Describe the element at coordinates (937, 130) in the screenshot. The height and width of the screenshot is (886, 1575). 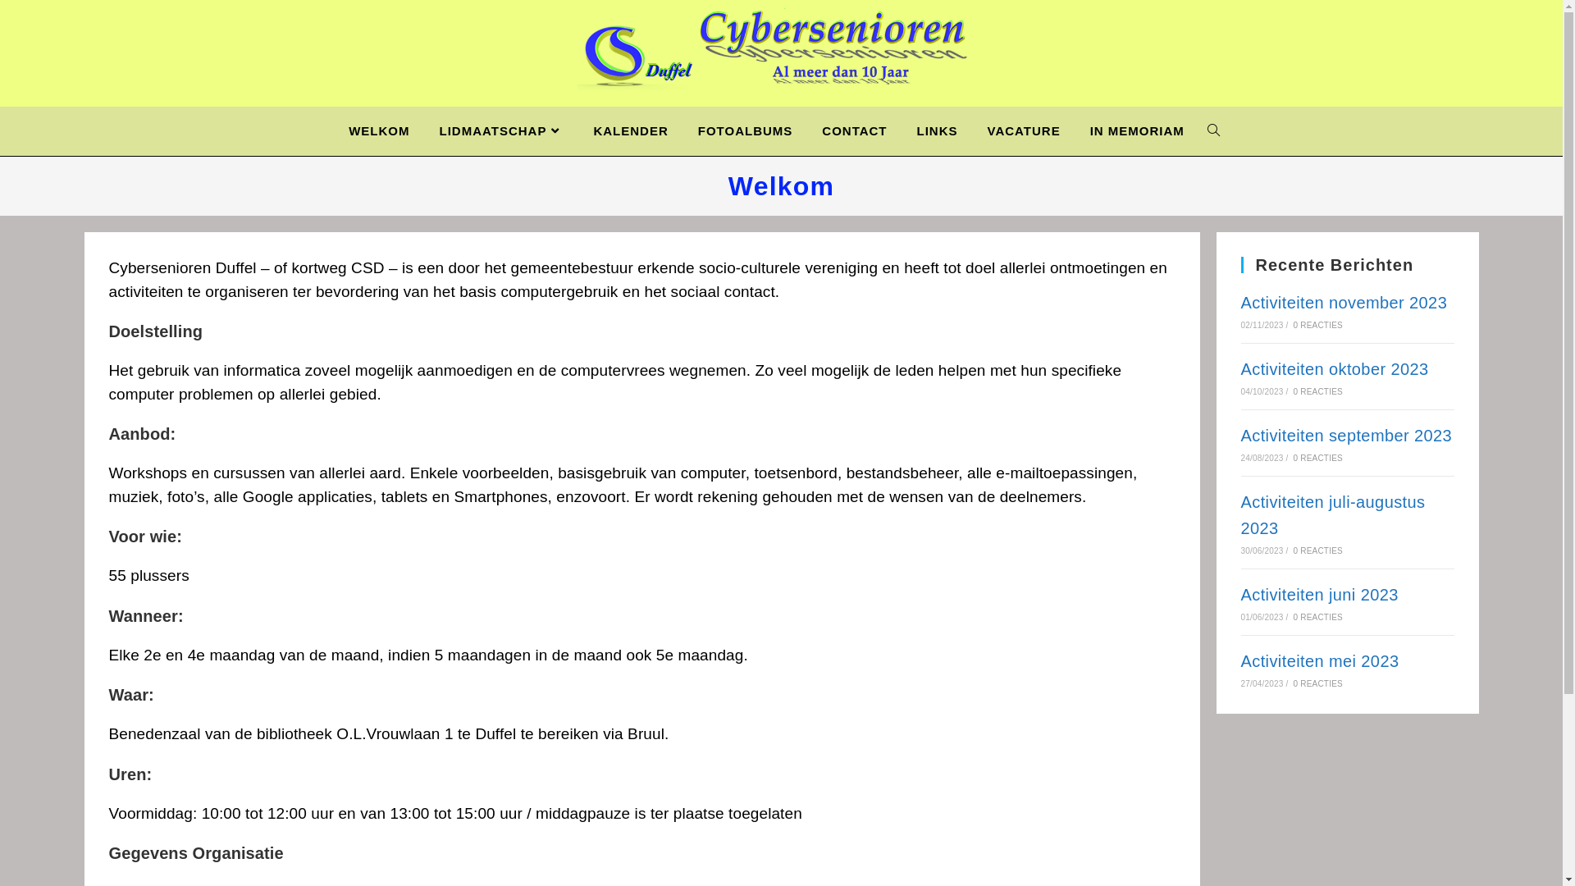
I see `'LINKS'` at that location.